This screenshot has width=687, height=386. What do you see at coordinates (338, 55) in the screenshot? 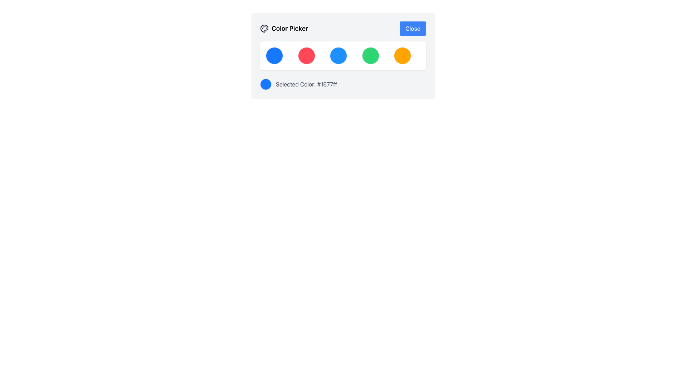
I see `the third circular button in the color picker interface` at bounding box center [338, 55].